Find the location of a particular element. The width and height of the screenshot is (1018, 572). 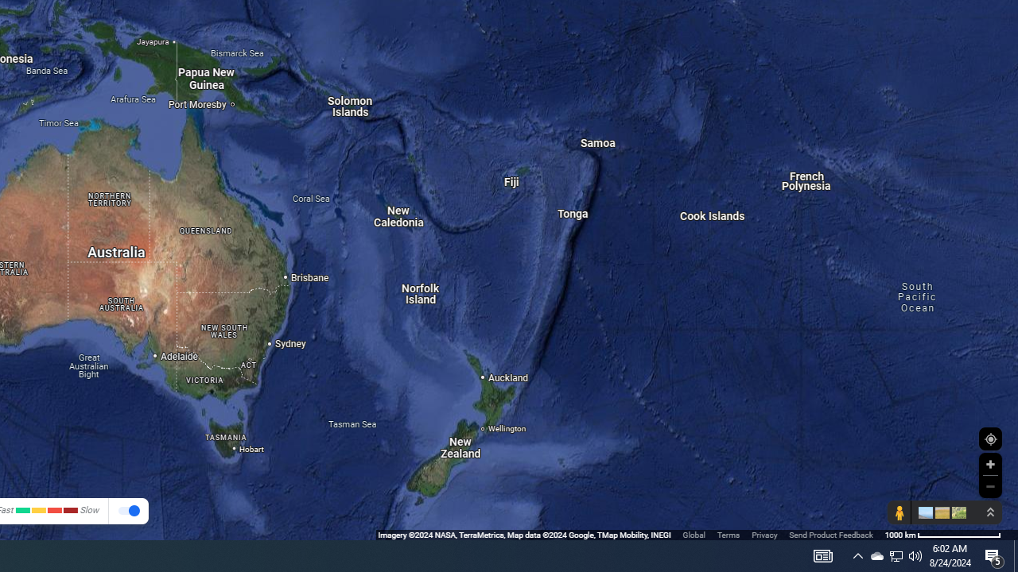

'1000 km' is located at coordinates (942, 535).